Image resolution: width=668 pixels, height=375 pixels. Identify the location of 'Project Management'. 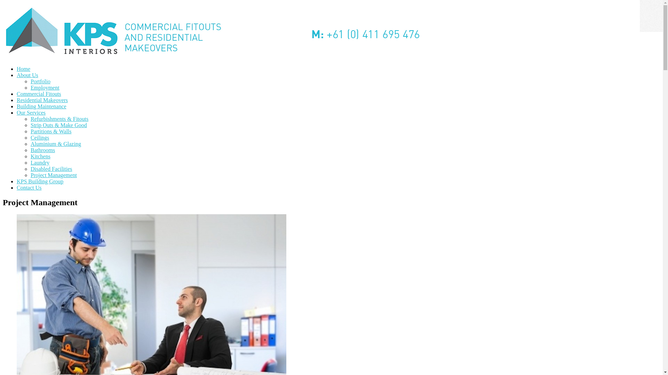
(53, 175).